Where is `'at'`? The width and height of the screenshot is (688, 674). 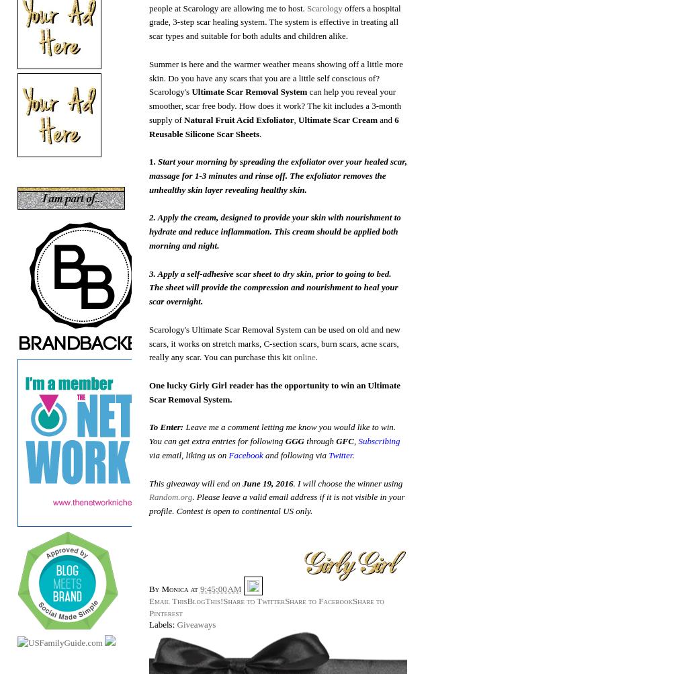
'at' is located at coordinates (190, 588).